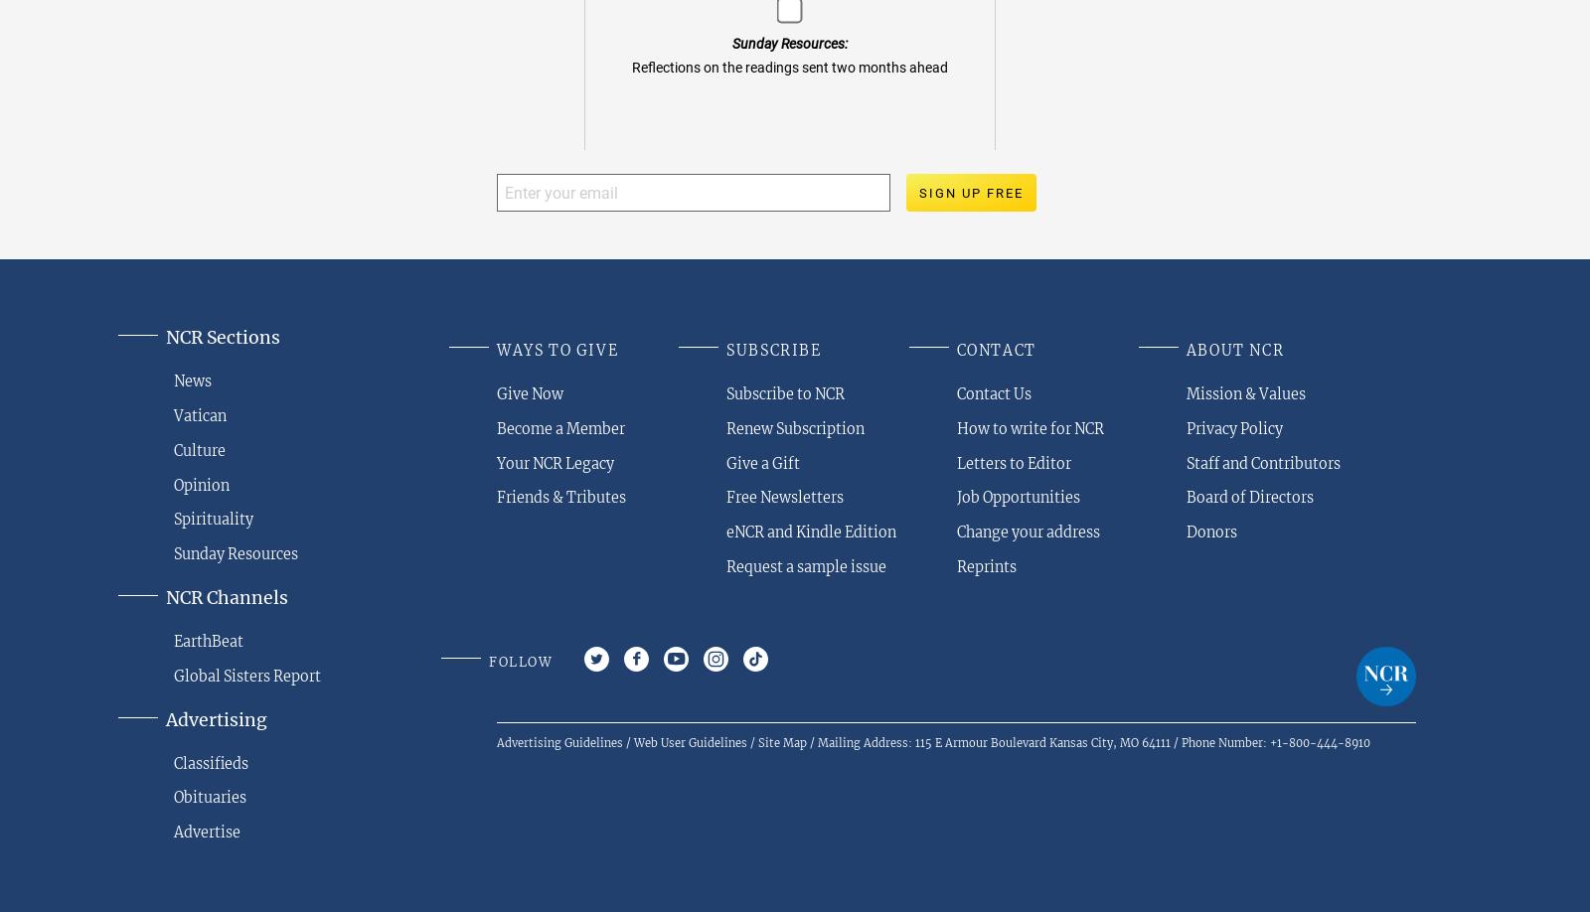  What do you see at coordinates (558, 741) in the screenshot?
I see `'Advertising Guidelines'` at bounding box center [558, 741].